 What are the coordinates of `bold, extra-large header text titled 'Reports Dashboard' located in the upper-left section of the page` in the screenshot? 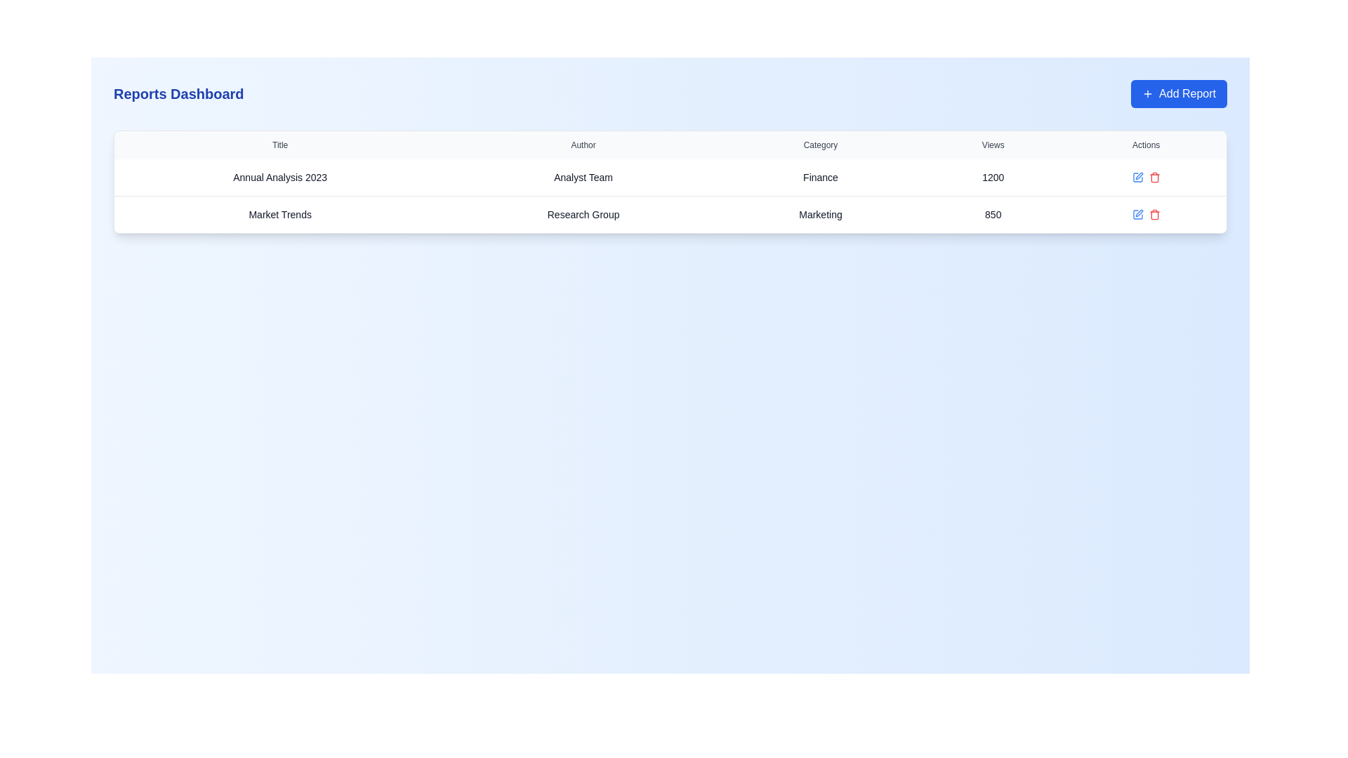 It's located at (178, 94).